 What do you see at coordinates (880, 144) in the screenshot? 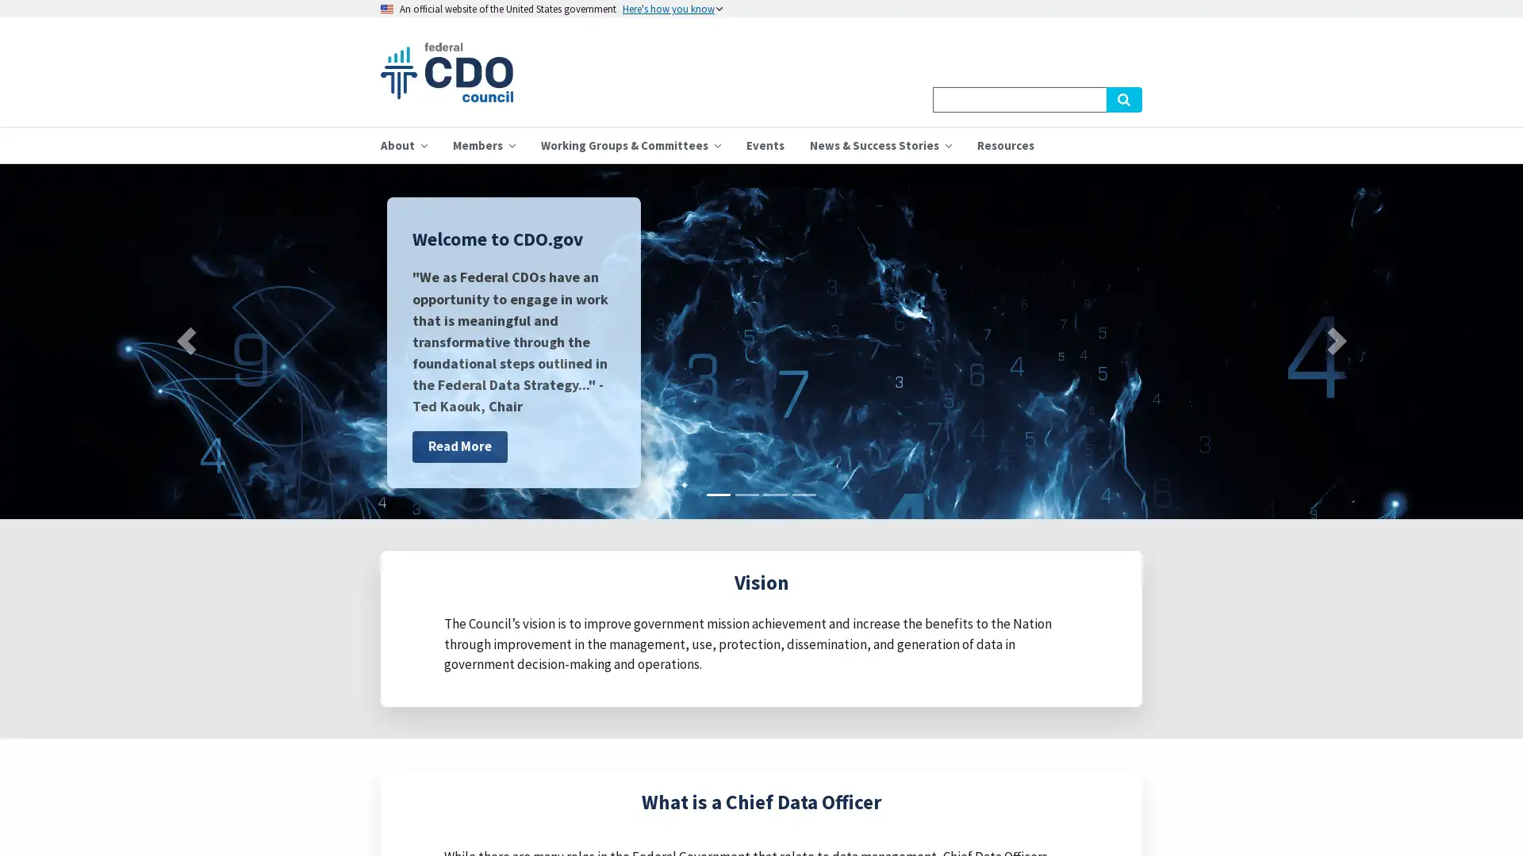
I see `News & Success Stories` at bounding box center [880, 144].